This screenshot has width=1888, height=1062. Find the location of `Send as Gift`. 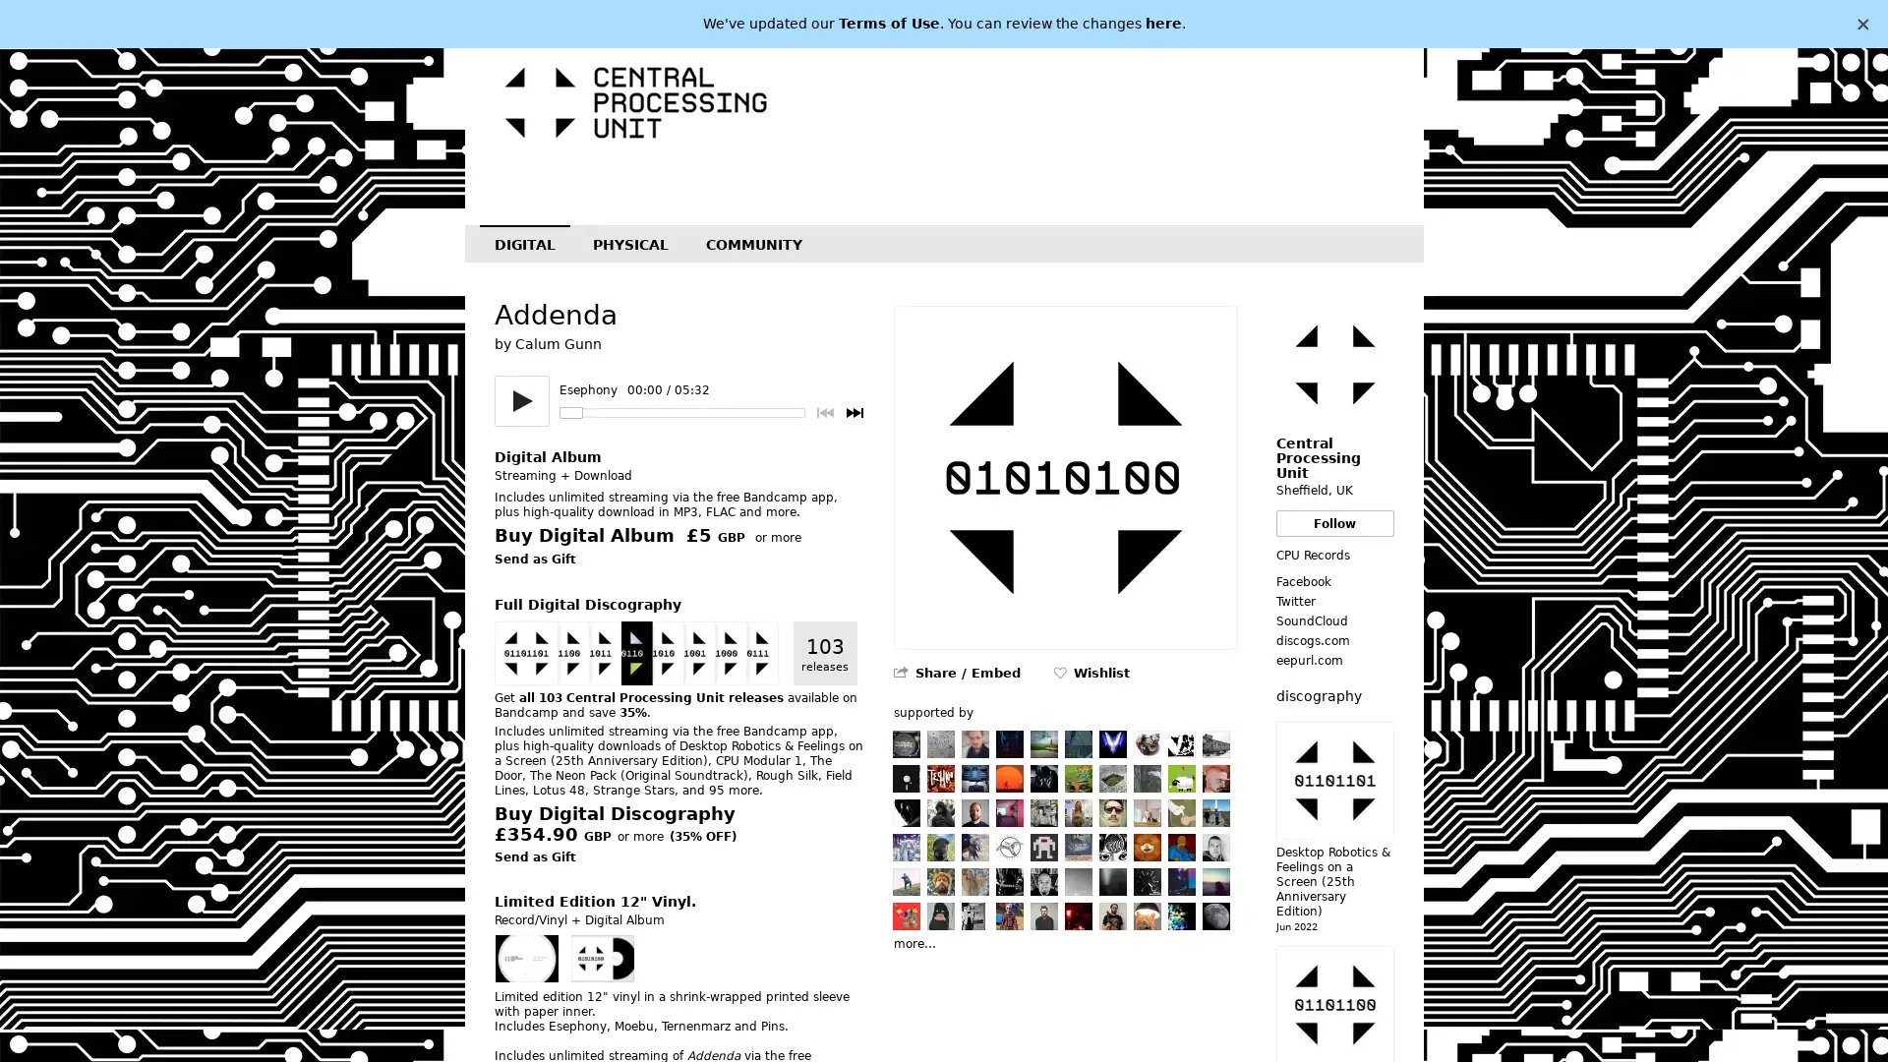

Send as Gift is located at coordinates (534, 855).